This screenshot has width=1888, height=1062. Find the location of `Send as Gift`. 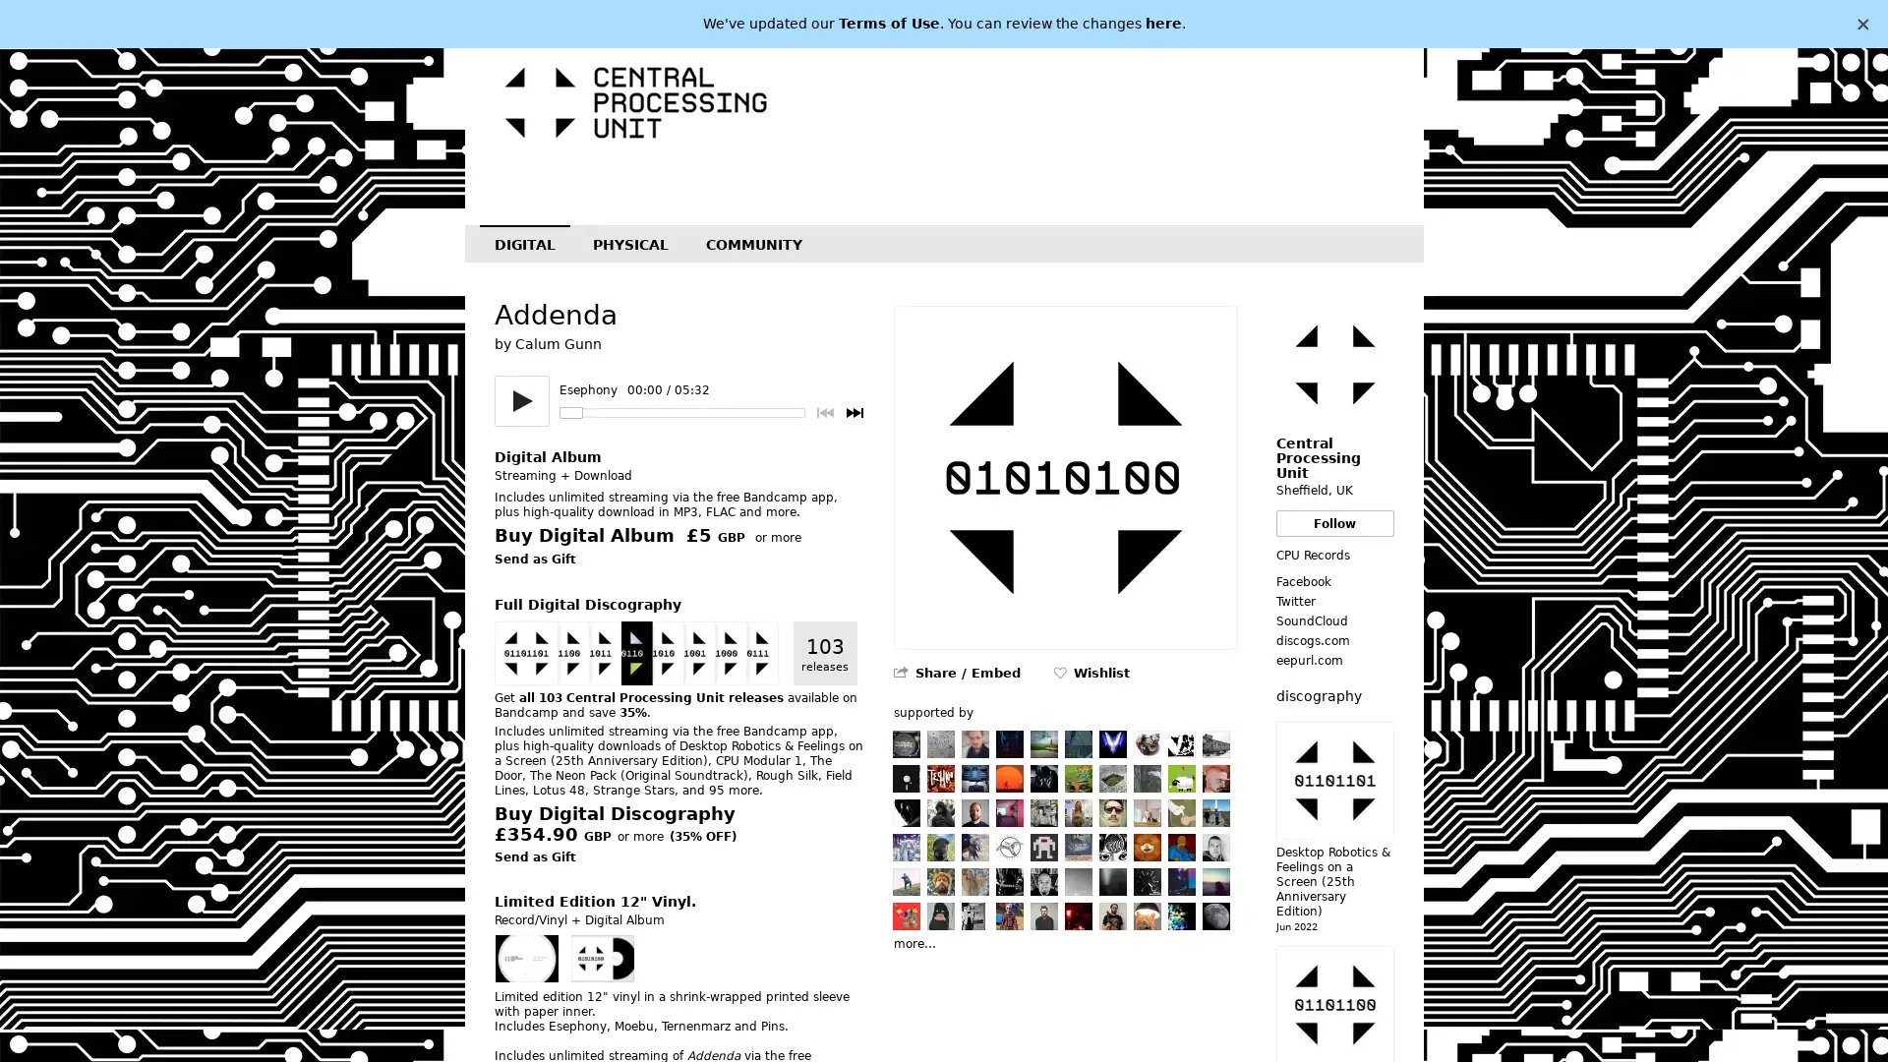

Send as Gift is located at coordinates (534, 855).